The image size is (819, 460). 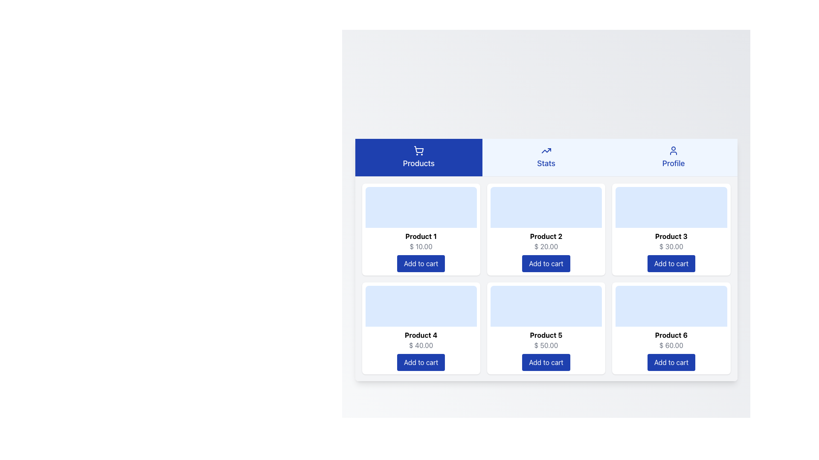 I want to click on the button allowing users to add 'Product 2' to their shopping cart, which is located below the product name and price, so click(x=546, y=263).